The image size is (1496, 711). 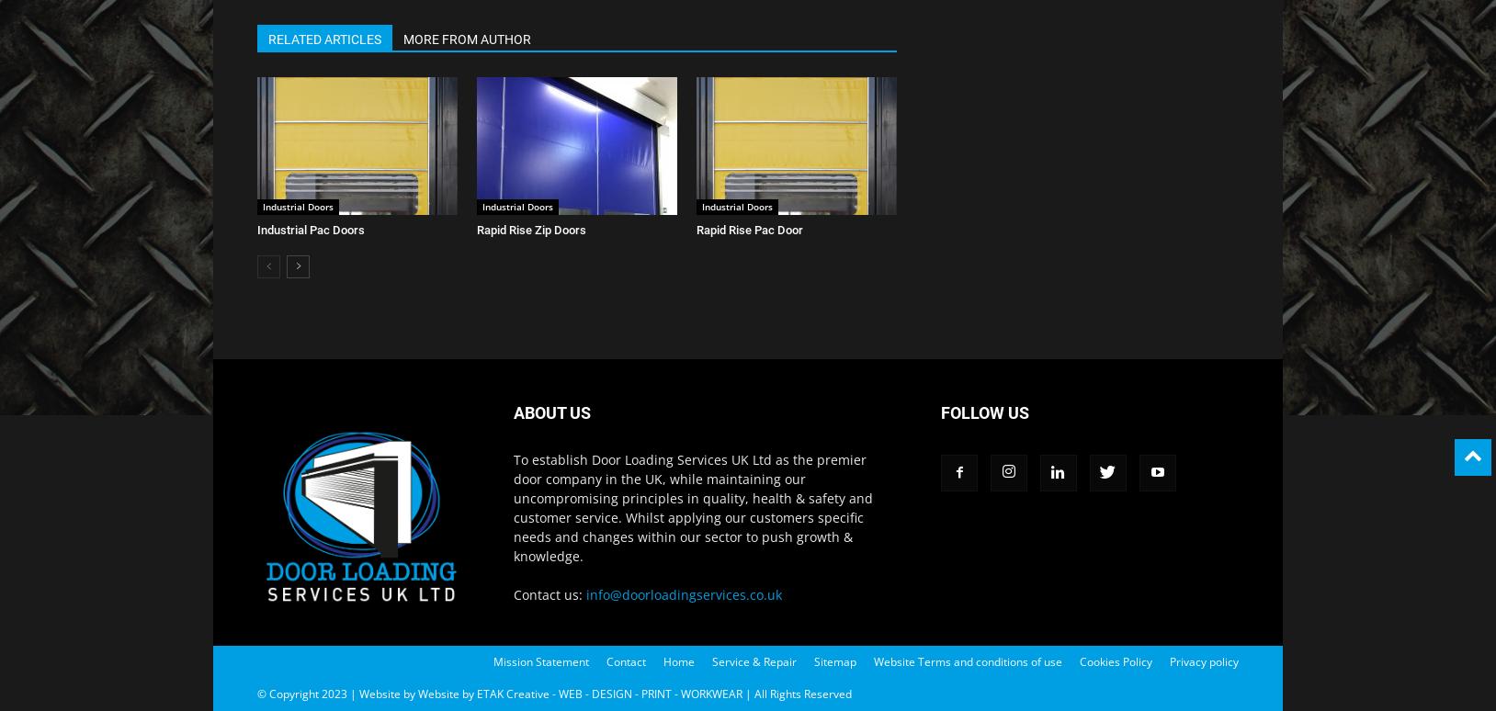 What do you see at coordinates (684, 594) in the screenshot?
I see `'info@doorloadingservices.co.uk'` at bounding box center [684, 594].